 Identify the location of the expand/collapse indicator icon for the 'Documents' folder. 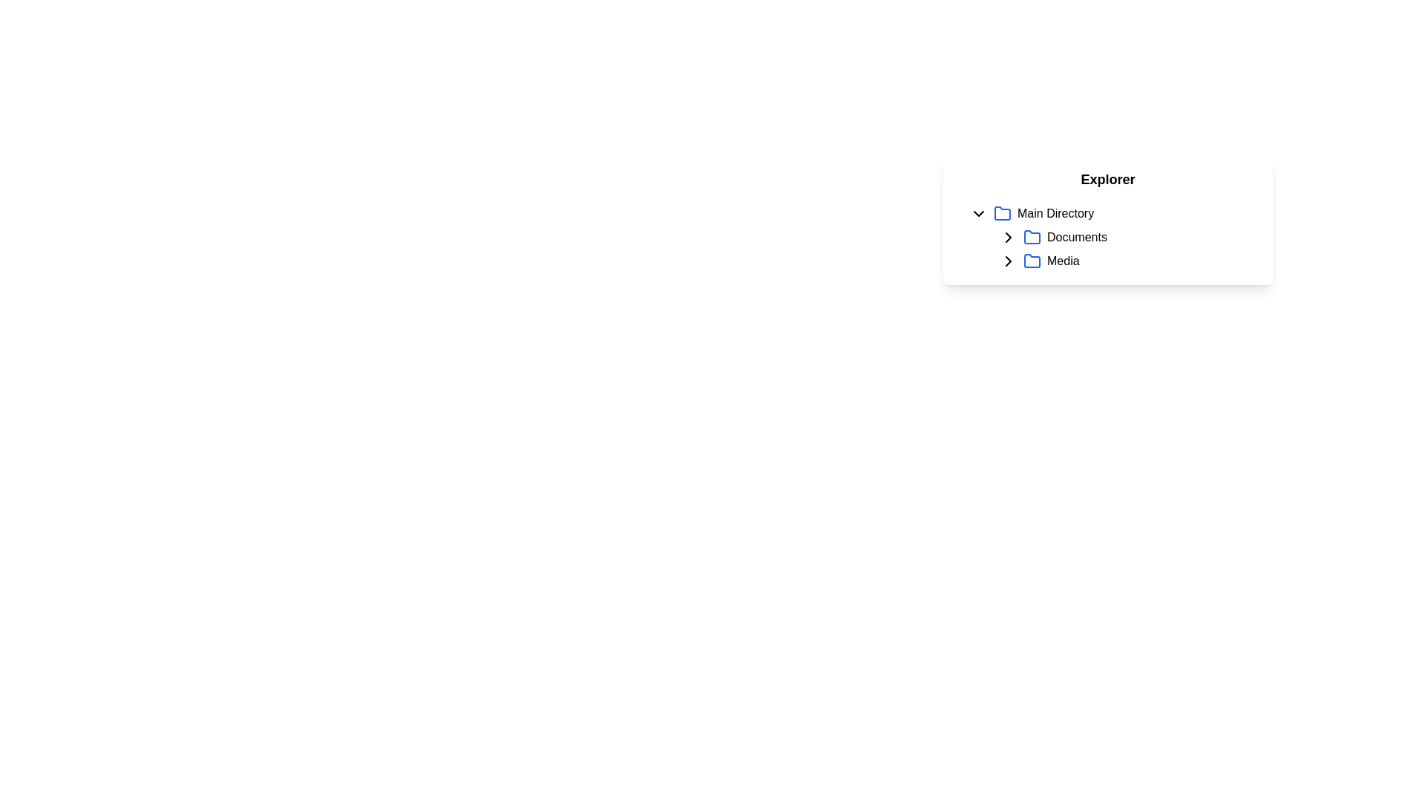
(1009, 237).